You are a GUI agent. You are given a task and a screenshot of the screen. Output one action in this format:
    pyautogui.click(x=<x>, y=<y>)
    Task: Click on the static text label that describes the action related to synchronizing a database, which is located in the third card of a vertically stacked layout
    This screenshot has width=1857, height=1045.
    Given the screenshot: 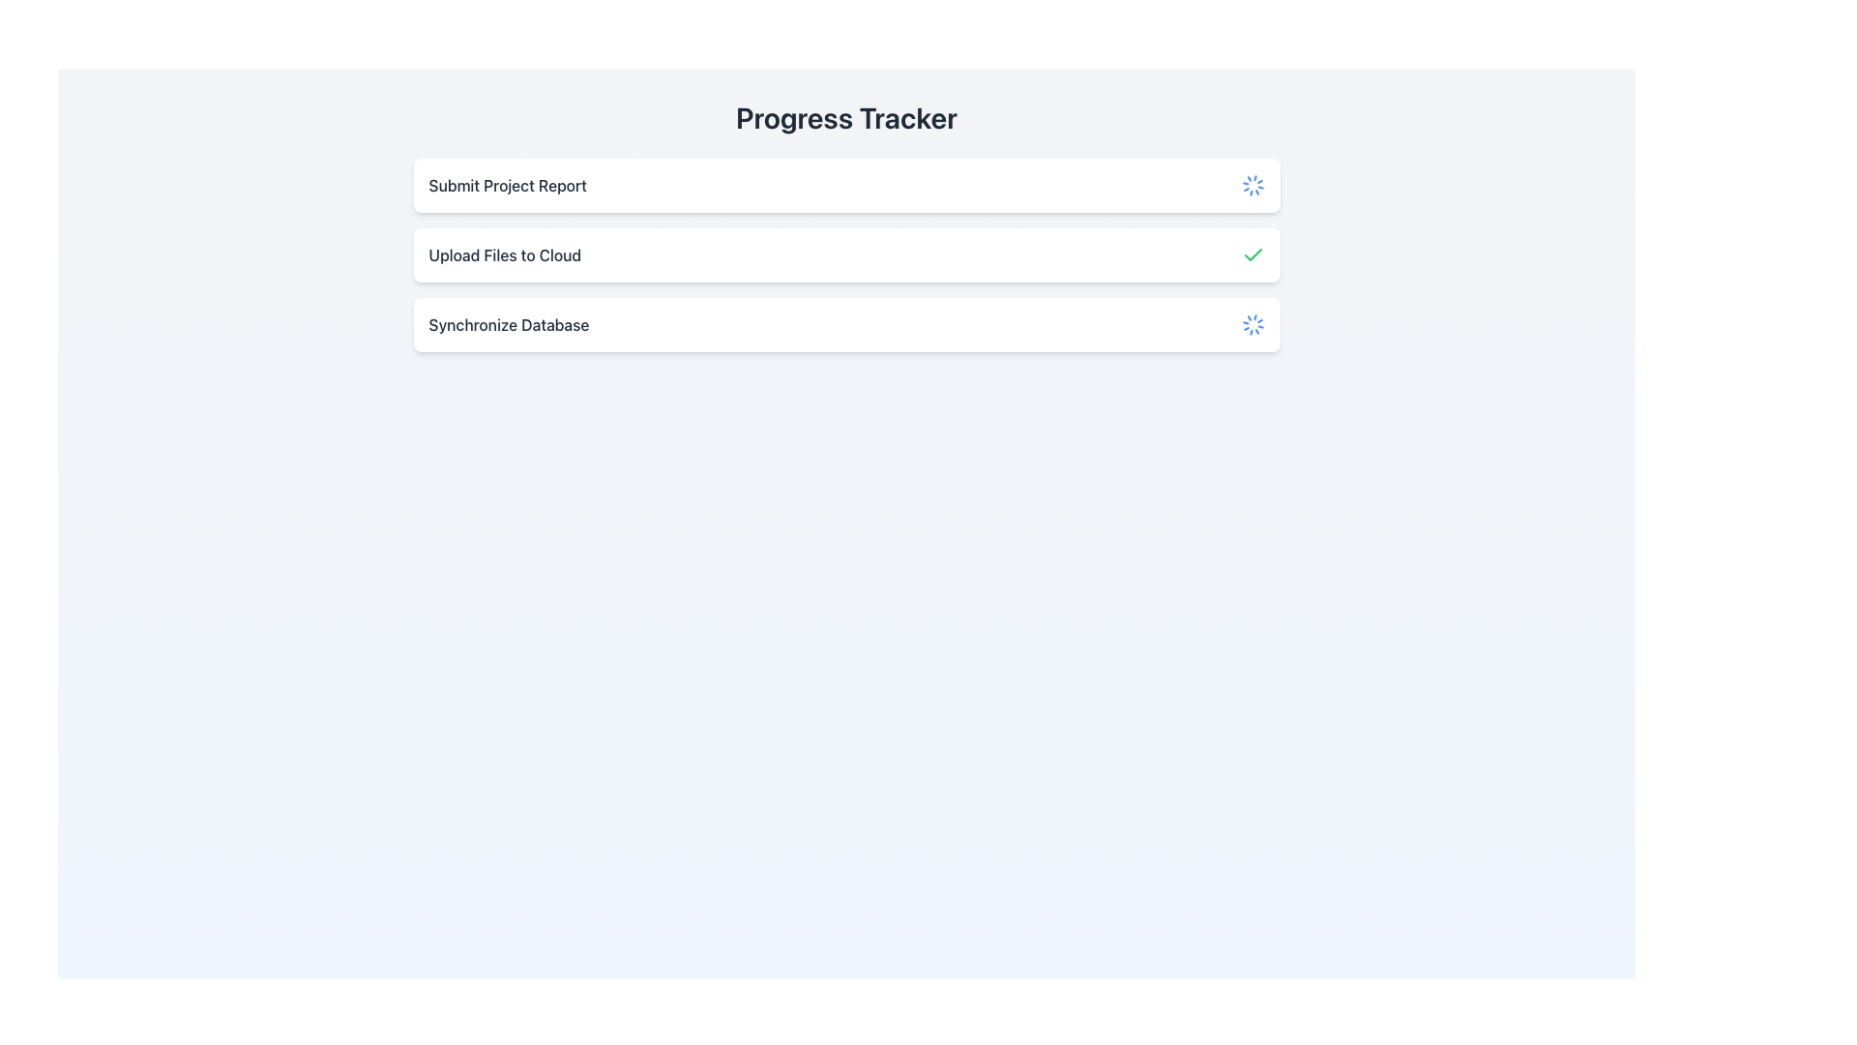 What is the action you would take?
    pyautogui.click(x=509, y=323)
    